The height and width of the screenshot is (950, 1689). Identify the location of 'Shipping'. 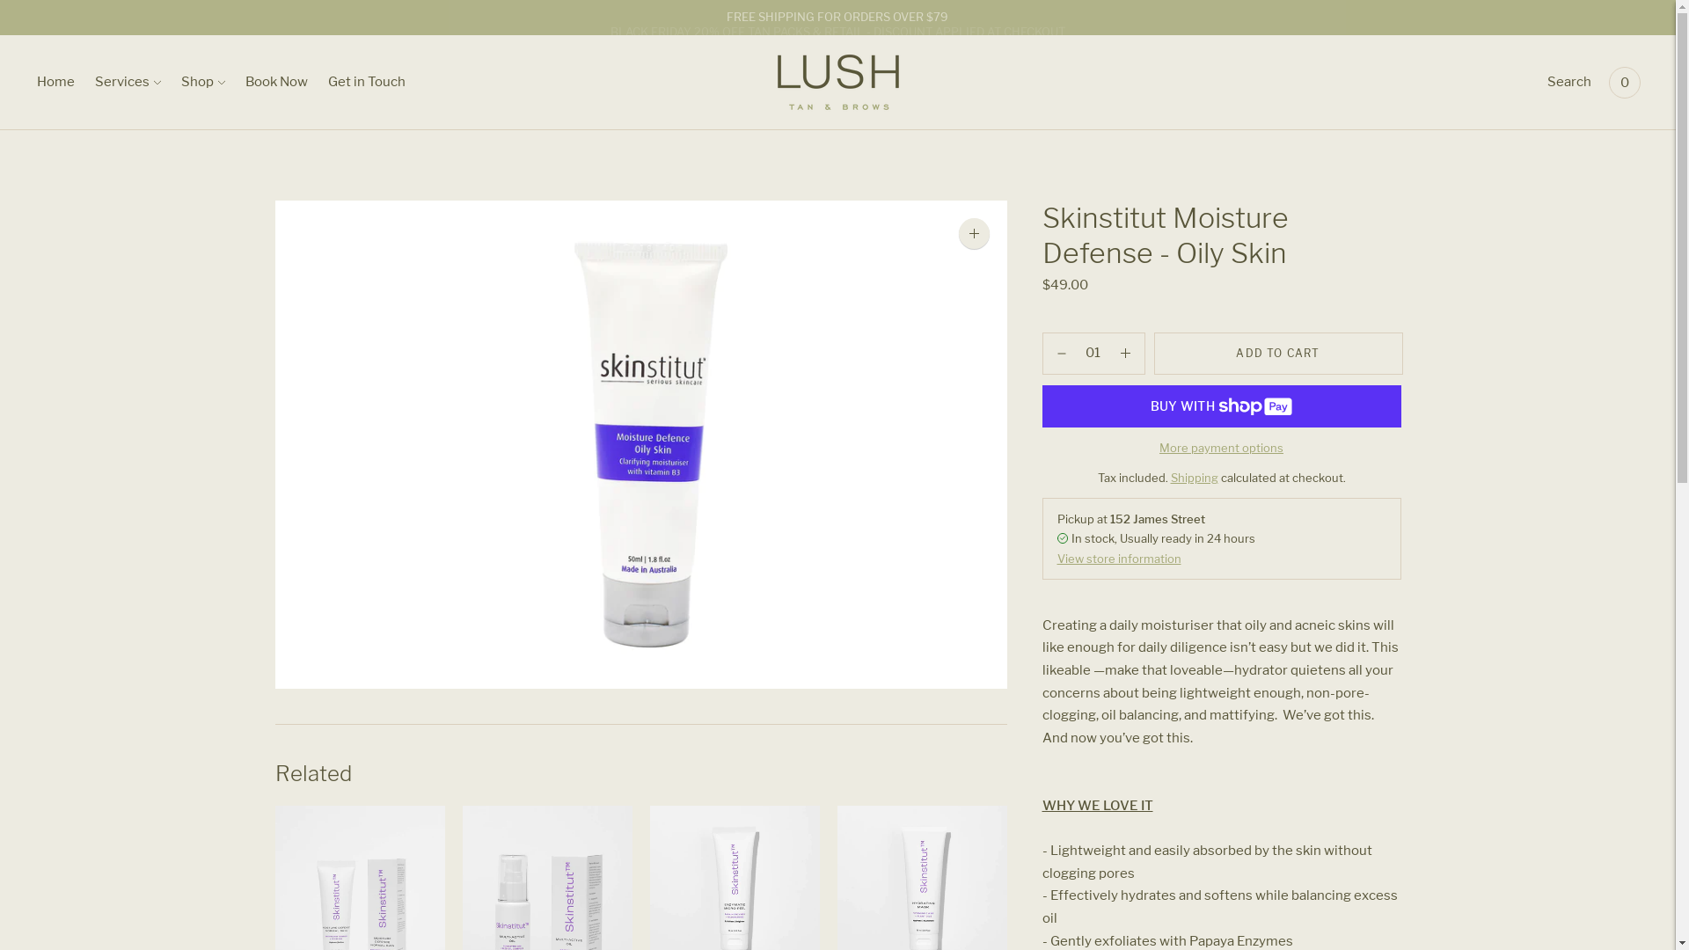
(1194, 478).